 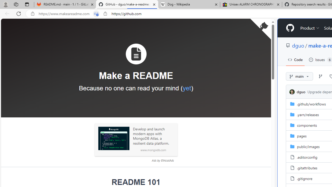 What do you see at coordinates (320, 76) in the screenshot?
I see `'Go to Branches page'` at bounding box center [320, 76].